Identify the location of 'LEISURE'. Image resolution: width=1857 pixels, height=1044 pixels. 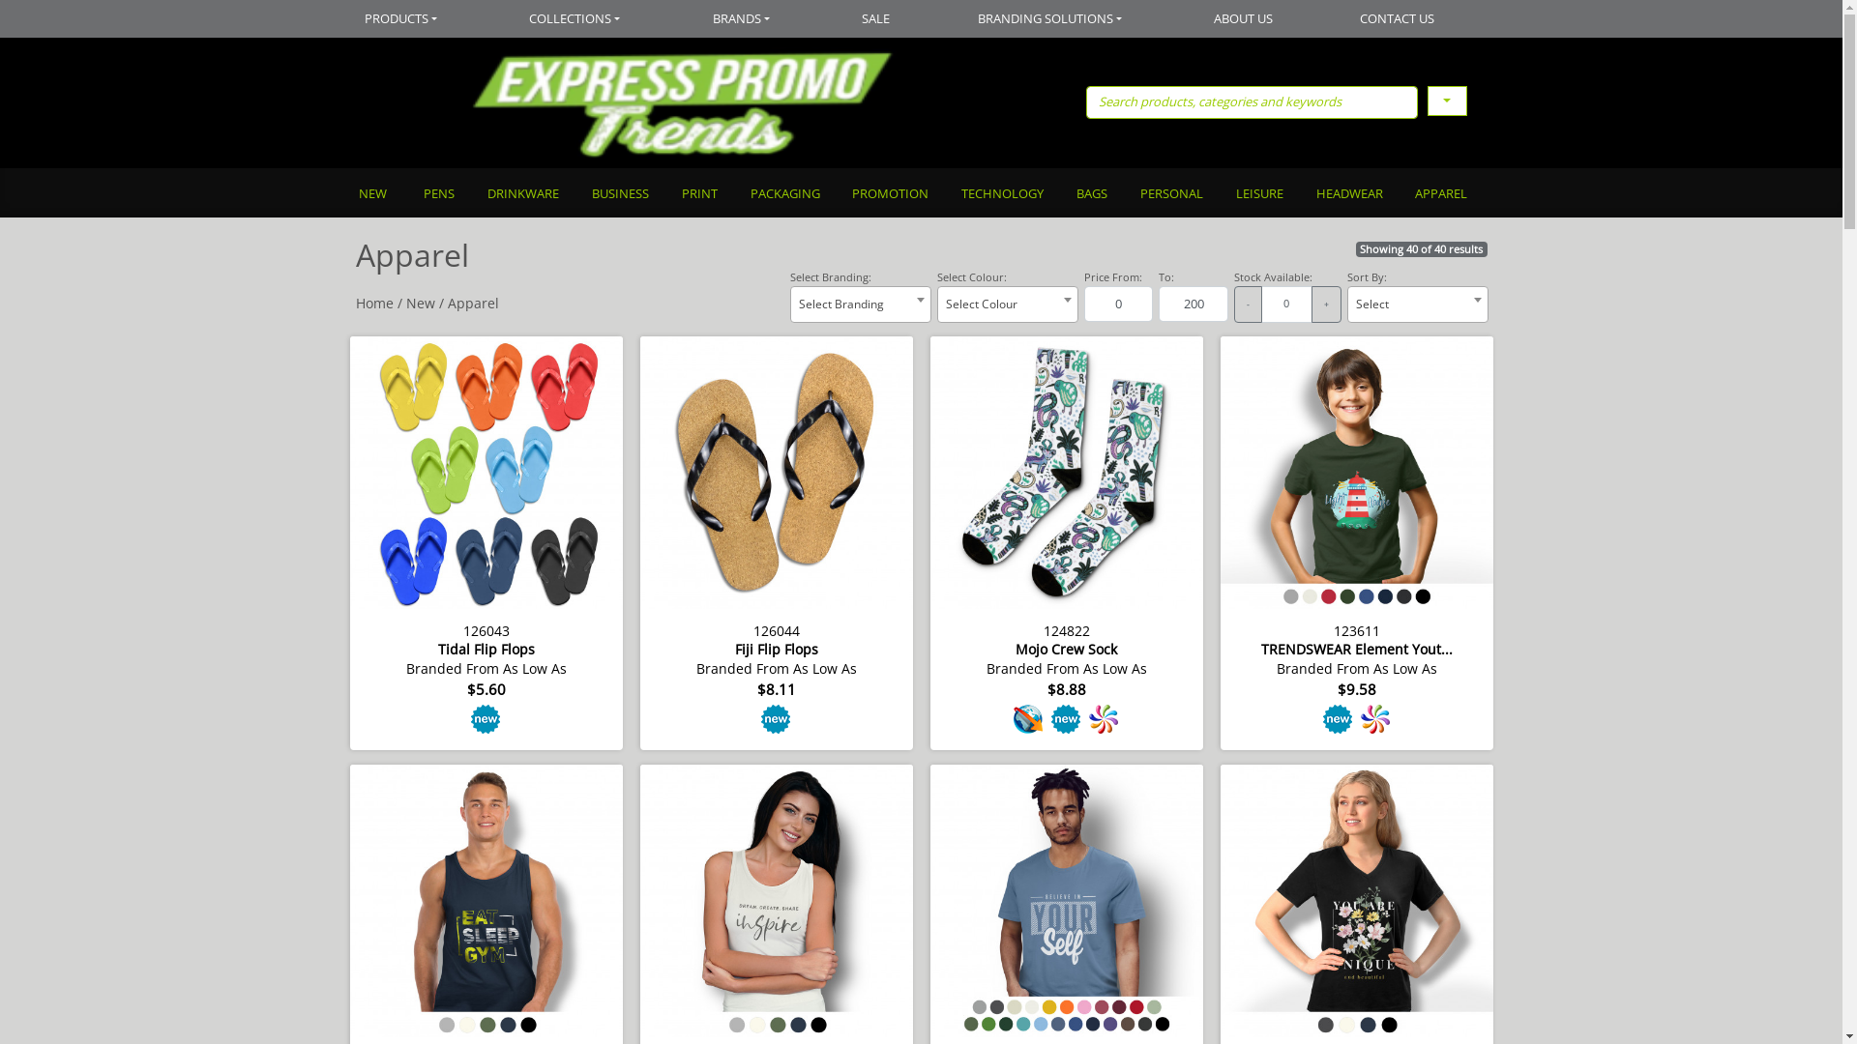
(1217, 194).